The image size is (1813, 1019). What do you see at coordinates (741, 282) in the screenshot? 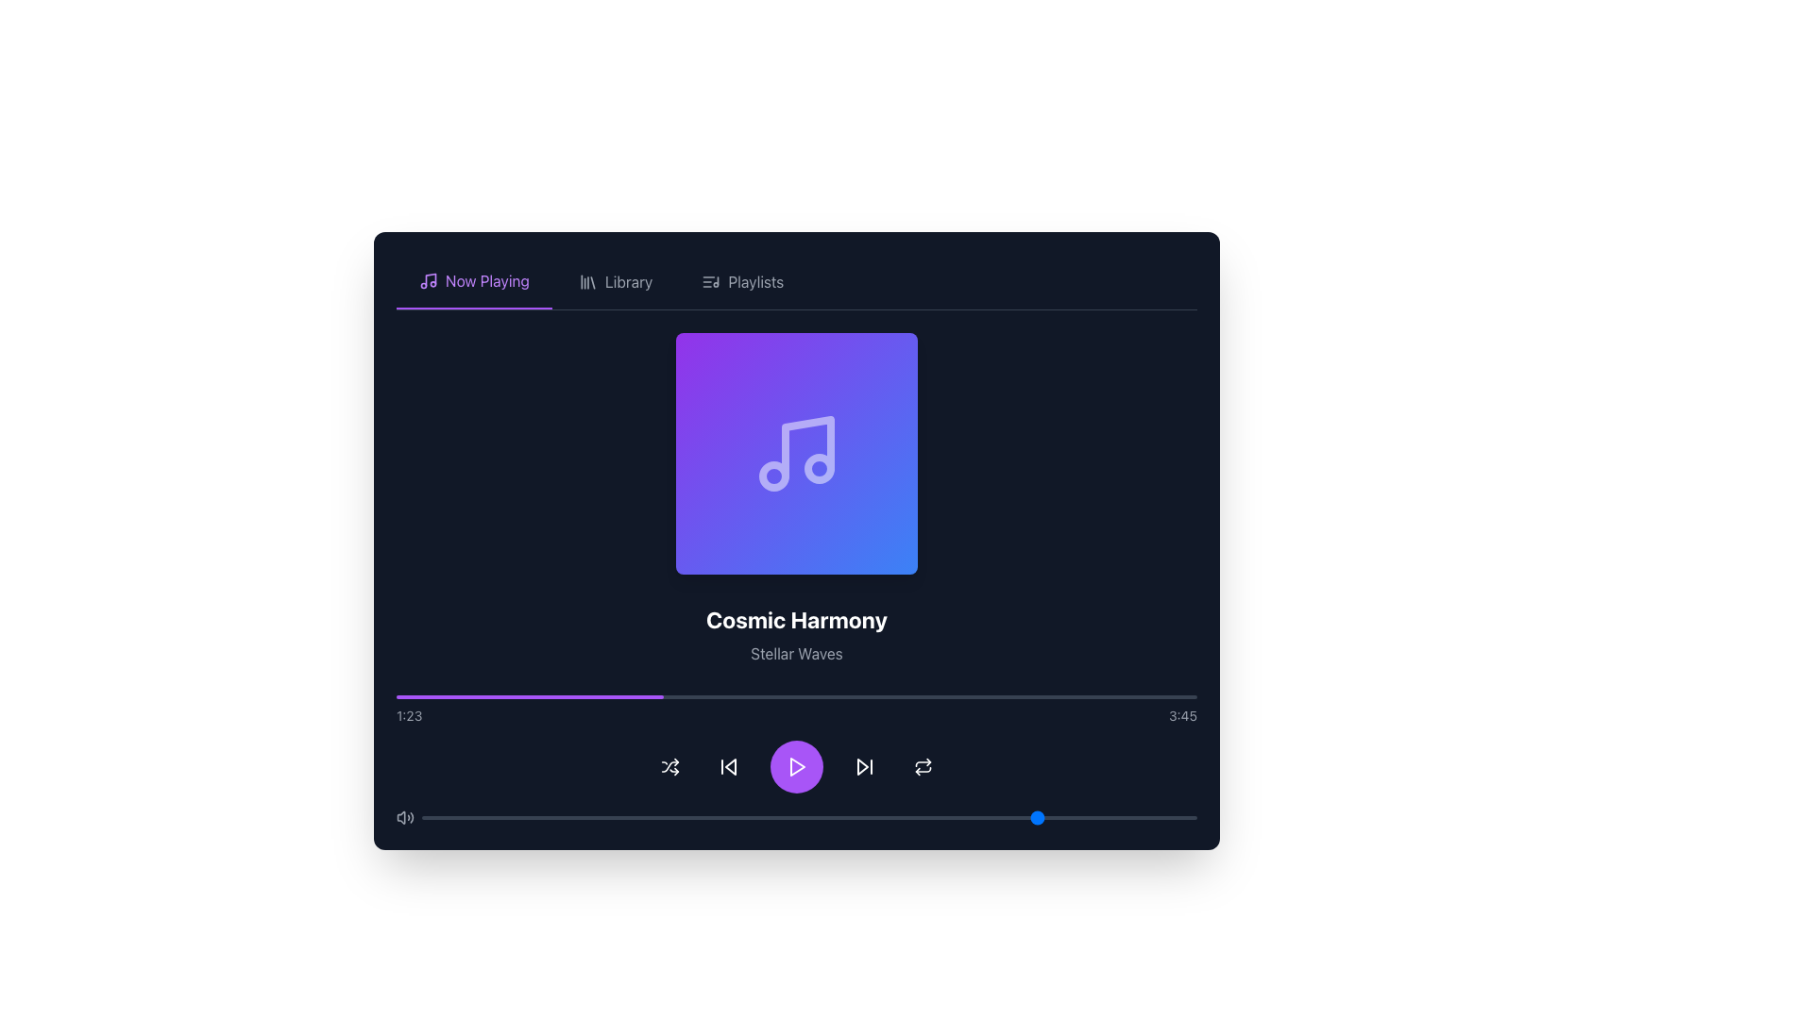
I see `the 'Playlists' button on the horizontal navigation bar` at bounding box center [741, 282].